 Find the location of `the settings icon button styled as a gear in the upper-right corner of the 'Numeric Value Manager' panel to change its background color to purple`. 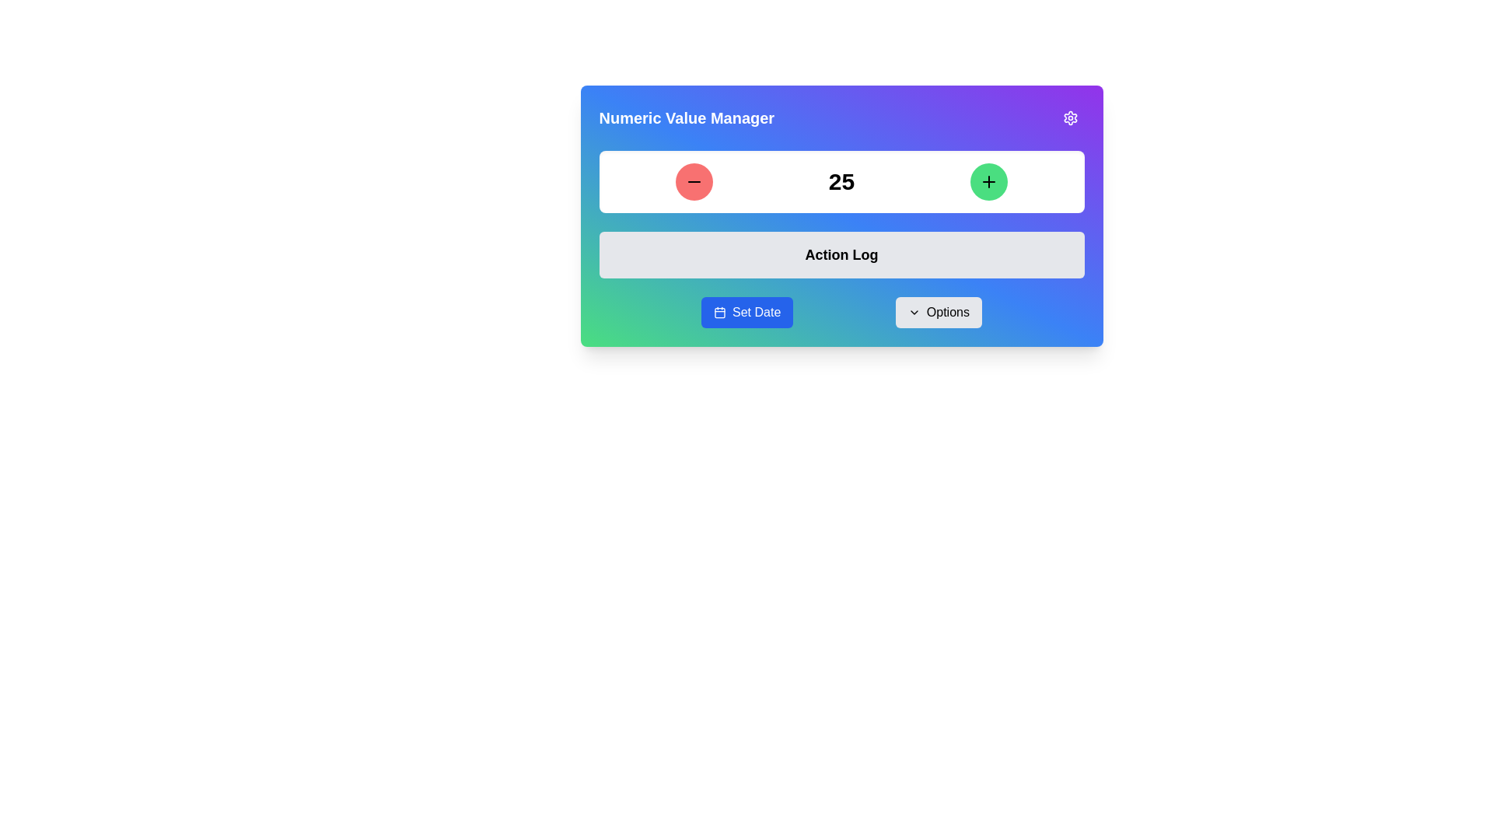

the settings icon button styled as a gear in the upper-right corner of the 'Numeric Value Manager' panel to change its background color to purple is located at coordinates (1069, 117).